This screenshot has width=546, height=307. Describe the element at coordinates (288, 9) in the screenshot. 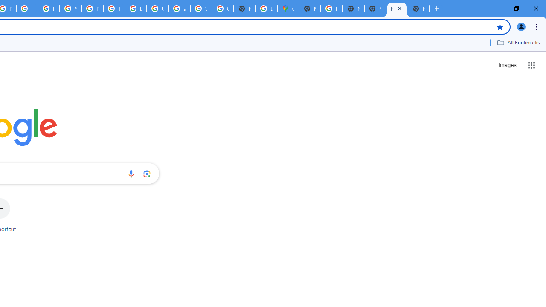

I see `'Google Maps'` at that location.